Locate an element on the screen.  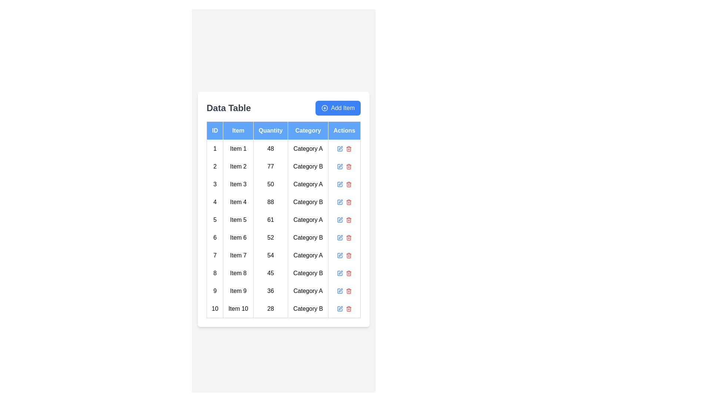
the Text label representing the ID number for the fifth entry in the data table, located in the leftmost cell of the fifth row is located at coordinates (214, 219).